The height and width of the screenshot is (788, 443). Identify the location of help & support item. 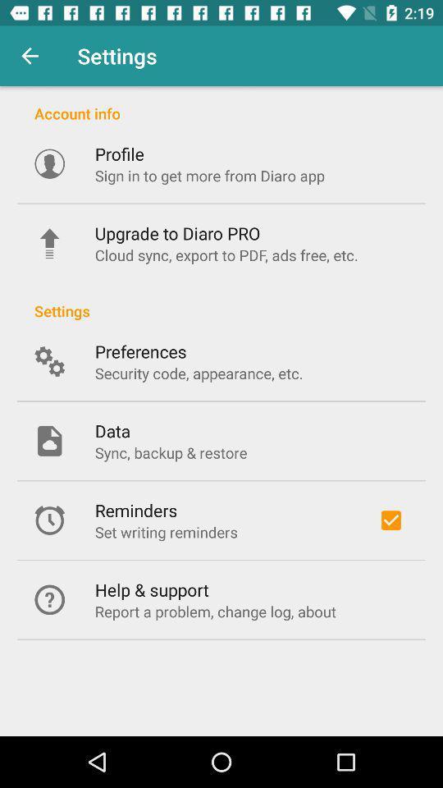
(152, 589).